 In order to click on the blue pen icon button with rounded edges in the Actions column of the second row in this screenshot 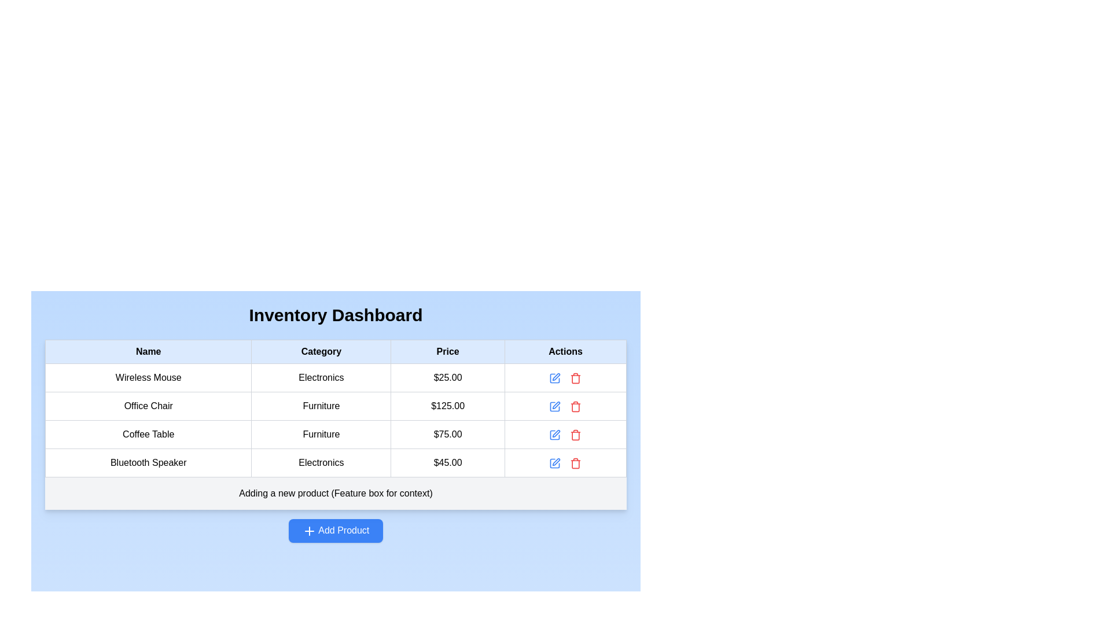, I will do `click(554, 406)`.